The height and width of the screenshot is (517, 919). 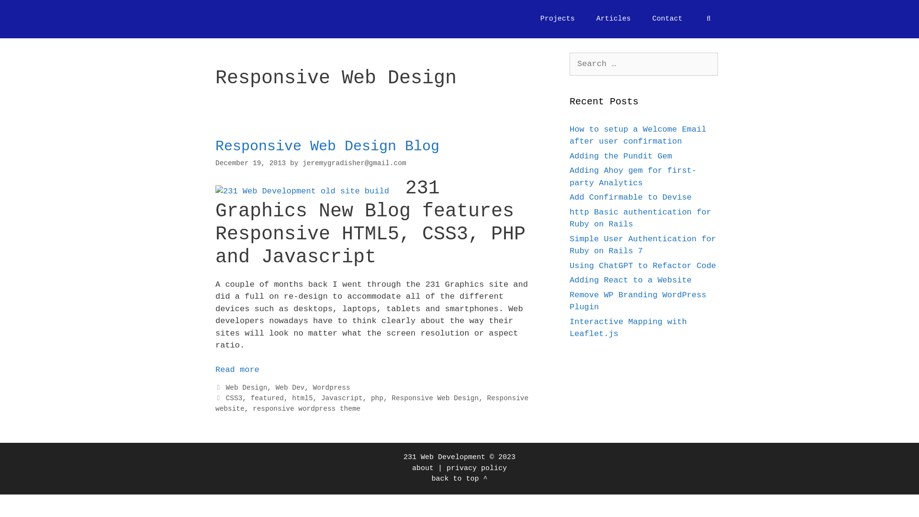 I want to click on 'Javascript', so click(x=342, y=398).